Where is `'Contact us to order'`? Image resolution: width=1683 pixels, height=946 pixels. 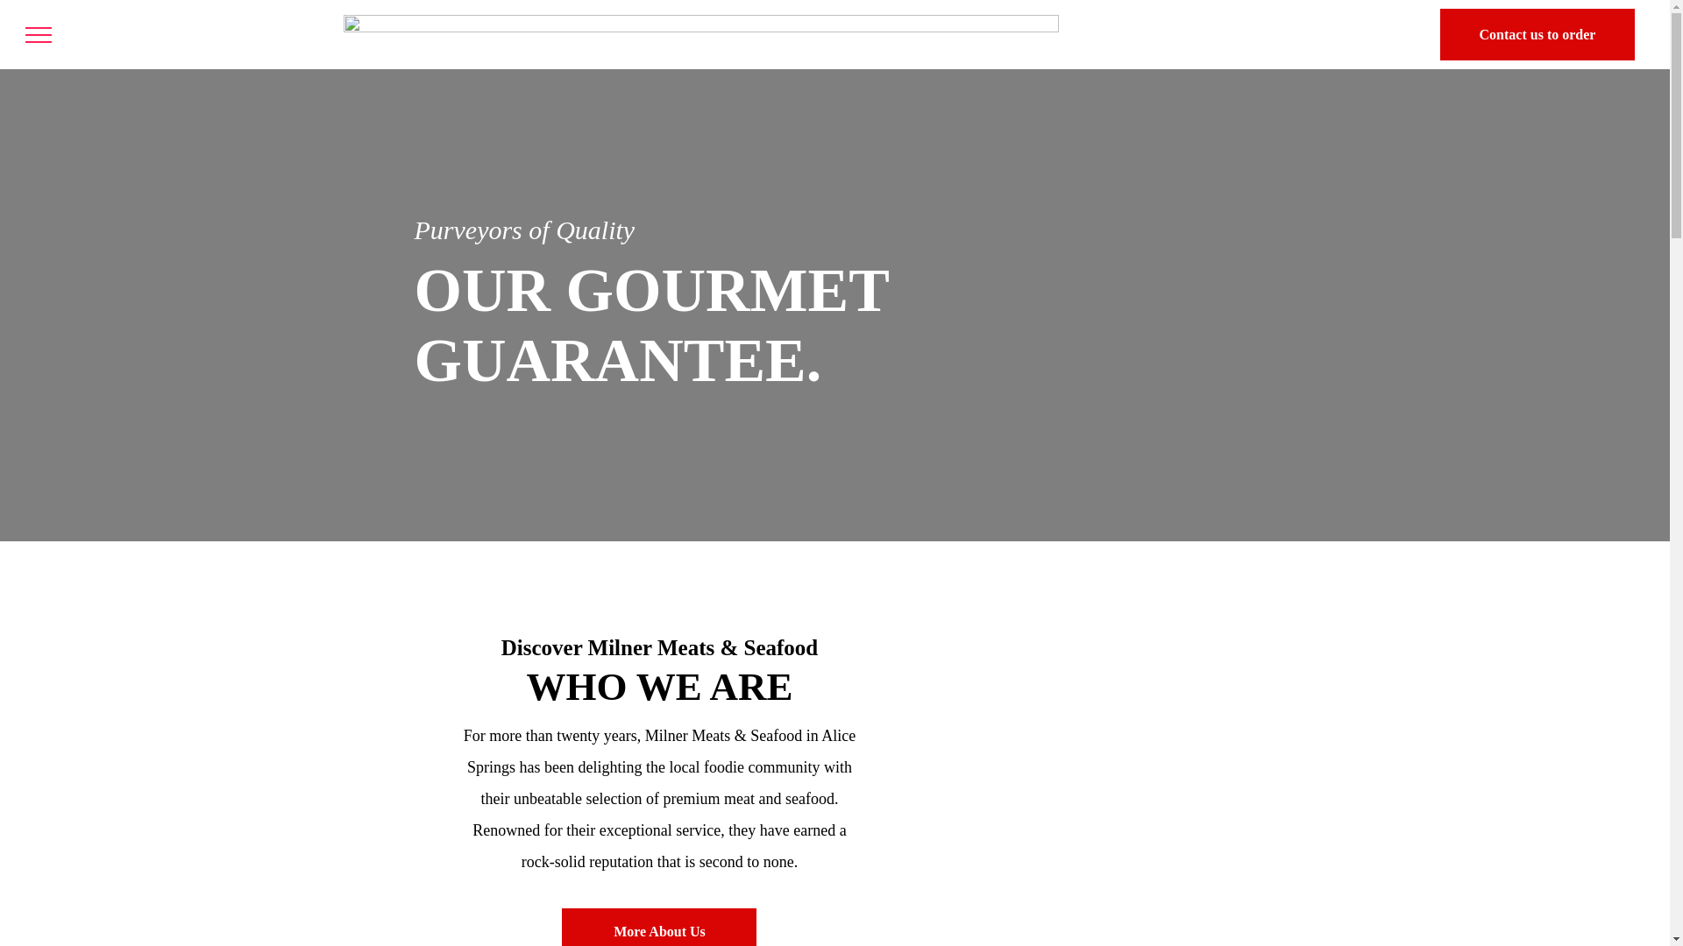
'Contact us to order' is located at coordinates (1536, 34).